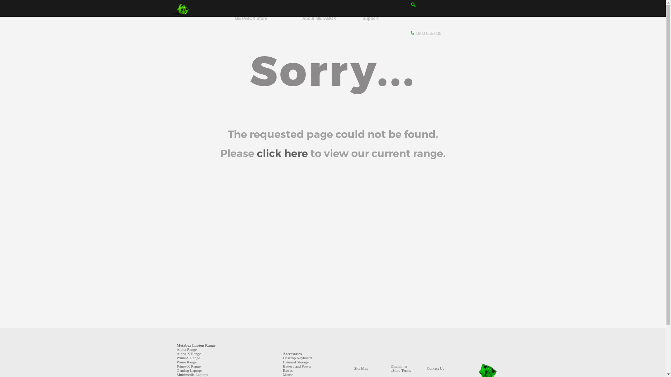  Describe the element at coordinates (196, 345) in the screenshot. I see `'Metabox Laptop Range'` at that location.